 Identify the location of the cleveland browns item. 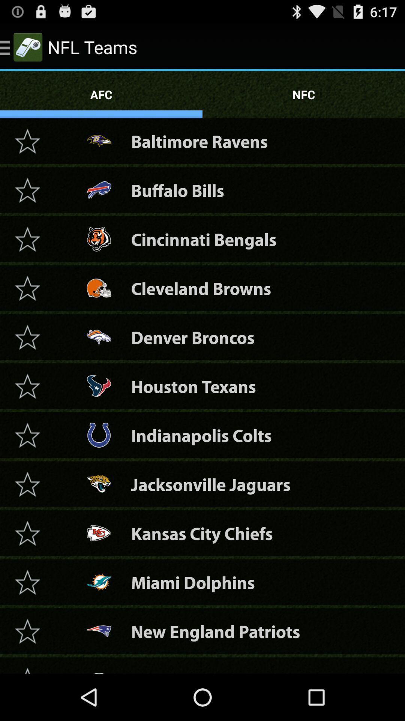
(201, 288).